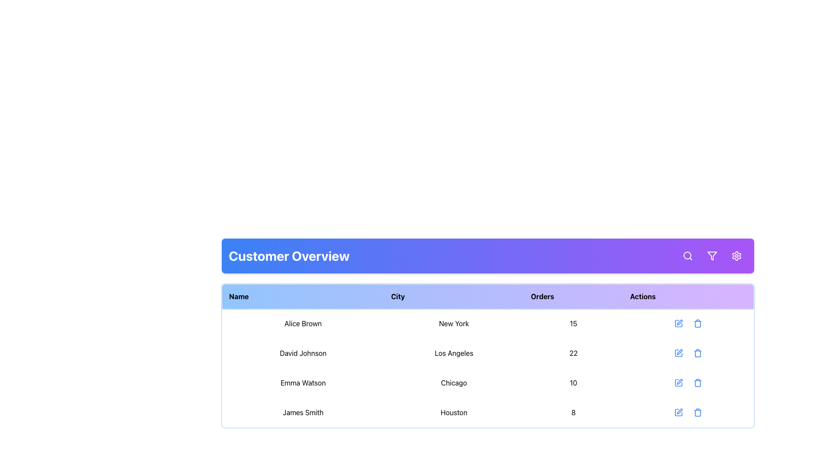 Image resolution: width=838 pixels, height=471 pixels. What do you see at coordinates (454, 353) in the screenshot?
I see `the text element that specifies the city of David Johnson located in the third column of the second row in the tabular representation` at bounding box center [454, 353].